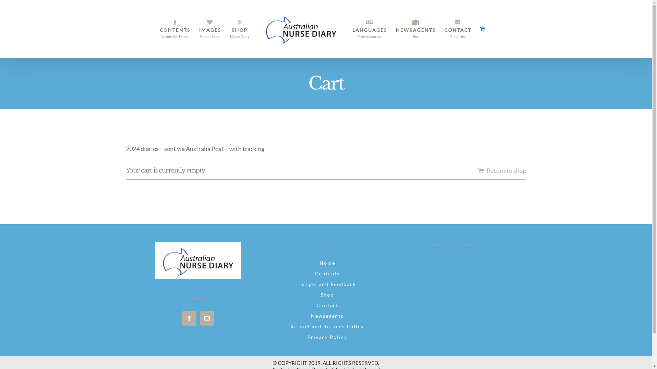  What do you see at coordinates (502, 170) in the screenshot?
I see `'Return to shop'` at bounding box center [502, 170].